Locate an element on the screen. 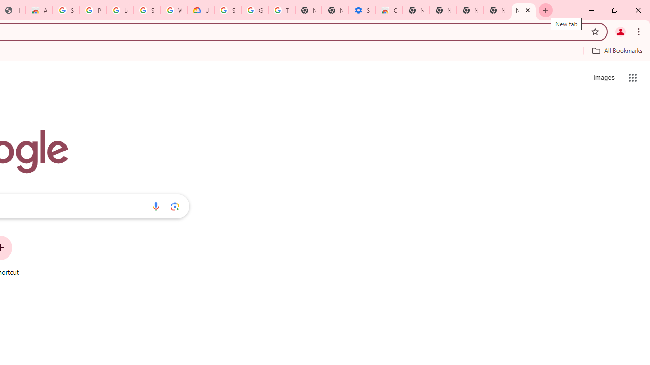 The width and height of the screenshot is (650, 365). 'Who are Google' is located at coordinates (174, 10).